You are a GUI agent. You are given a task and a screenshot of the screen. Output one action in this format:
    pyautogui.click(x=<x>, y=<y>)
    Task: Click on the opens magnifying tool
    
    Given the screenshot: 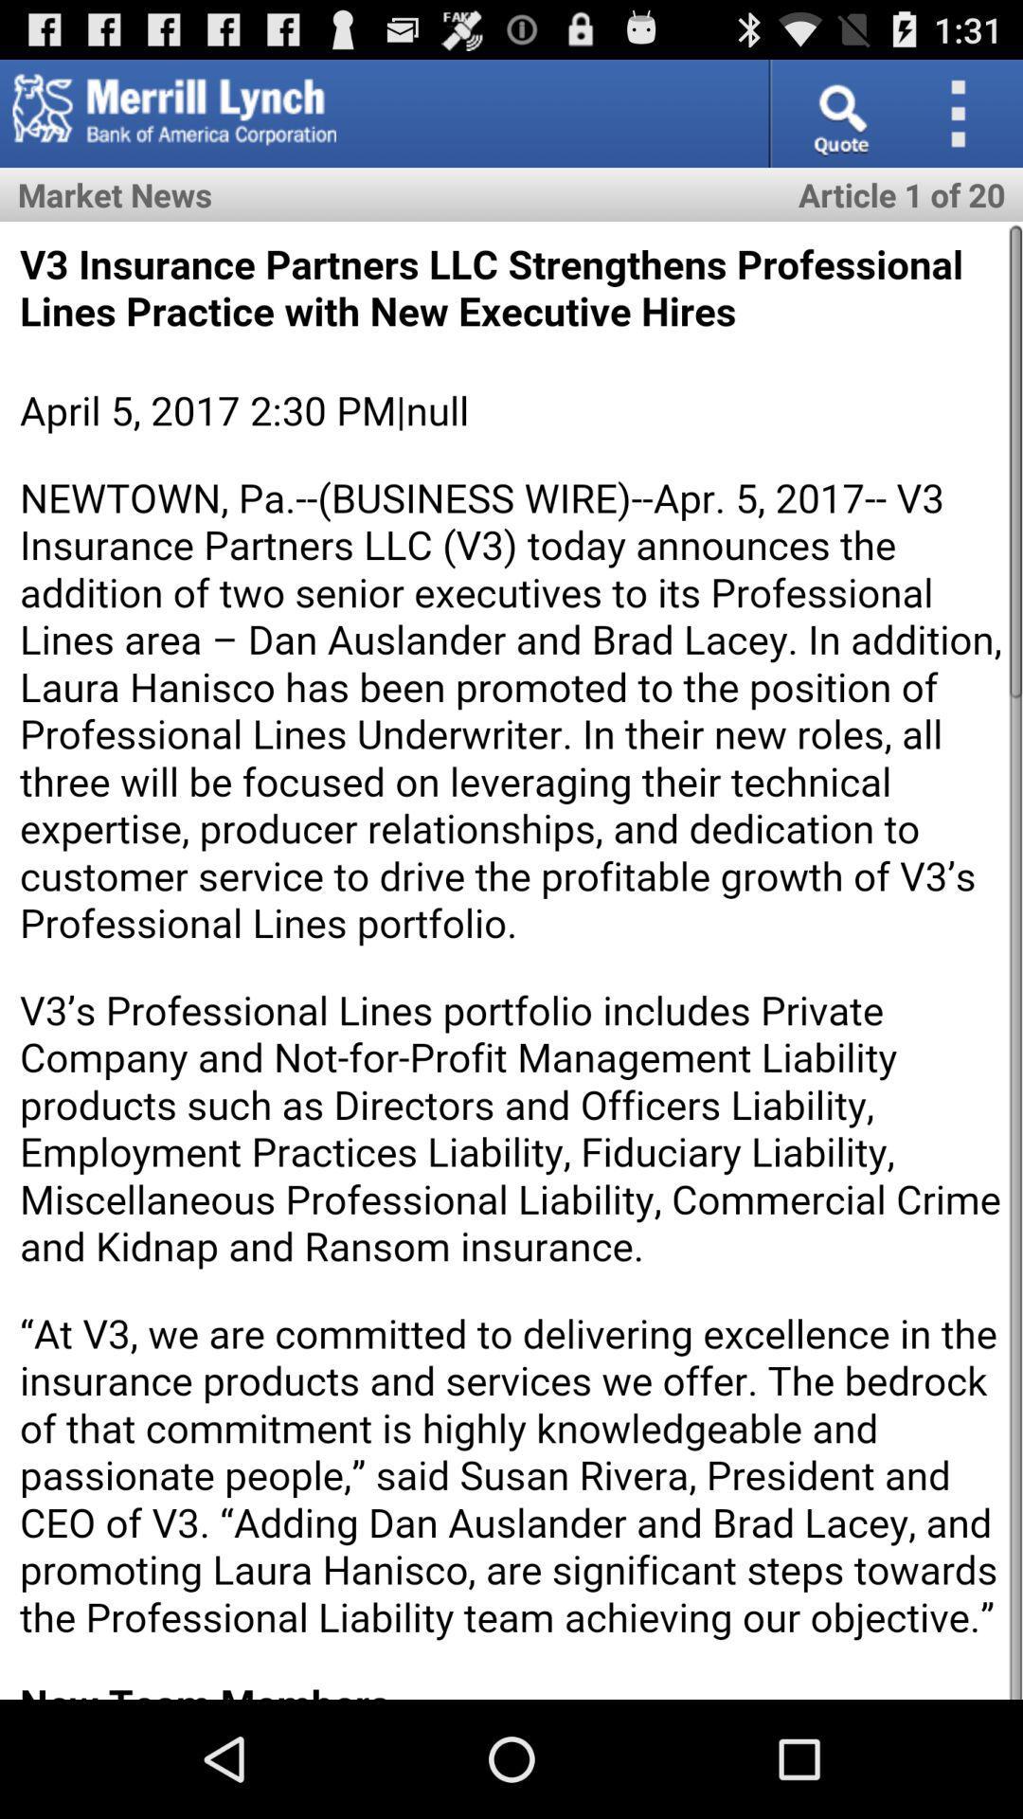 What is the action you would take?
    pyautogui.click(x=837, y=113)
    